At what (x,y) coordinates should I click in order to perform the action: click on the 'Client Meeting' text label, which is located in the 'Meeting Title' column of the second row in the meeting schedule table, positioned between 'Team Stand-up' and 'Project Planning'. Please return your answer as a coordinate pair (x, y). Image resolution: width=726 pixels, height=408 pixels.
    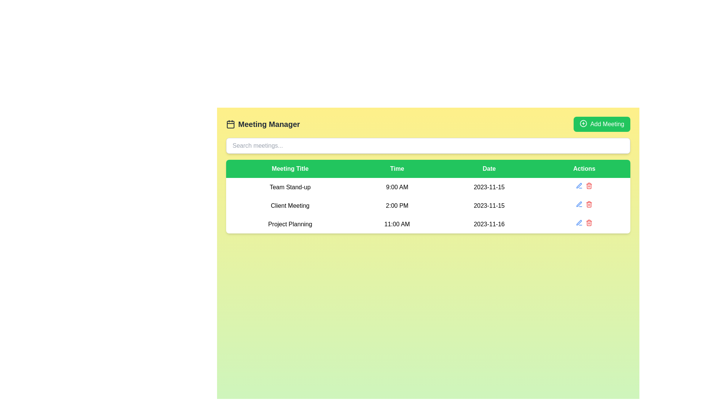
    Looking at the image, I should click on (290, 206).